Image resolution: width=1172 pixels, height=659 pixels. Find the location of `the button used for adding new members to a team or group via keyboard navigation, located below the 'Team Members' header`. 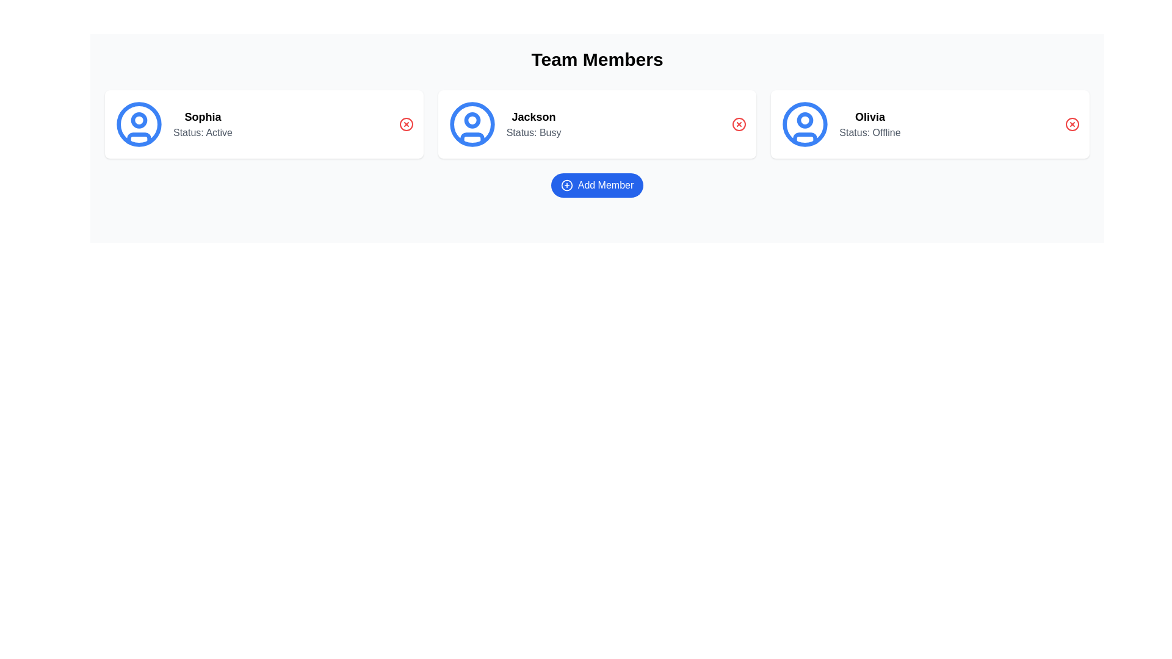

the button used for adding new members to a team or group via keyboard navigation, located below the 'Team Members' header is located at coordinates (597, 185).